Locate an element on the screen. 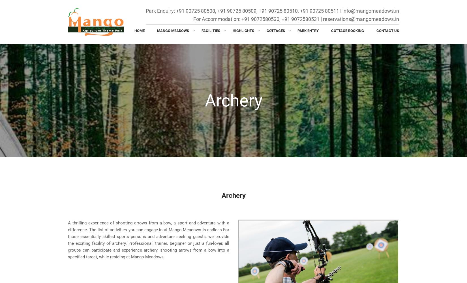 The width and height of the screenshot is (467, 283). 'Highlights' is located at coordinates (243, 30).